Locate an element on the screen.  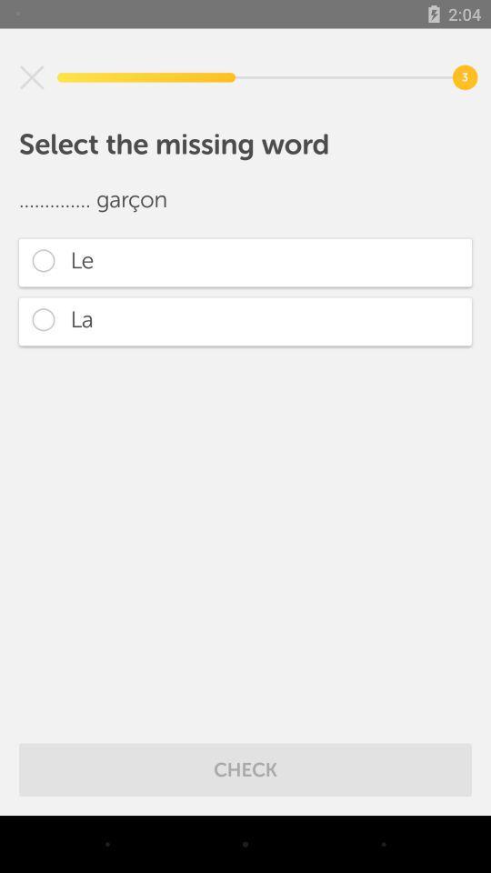
the item below le item is located at coordinates (245, 321).